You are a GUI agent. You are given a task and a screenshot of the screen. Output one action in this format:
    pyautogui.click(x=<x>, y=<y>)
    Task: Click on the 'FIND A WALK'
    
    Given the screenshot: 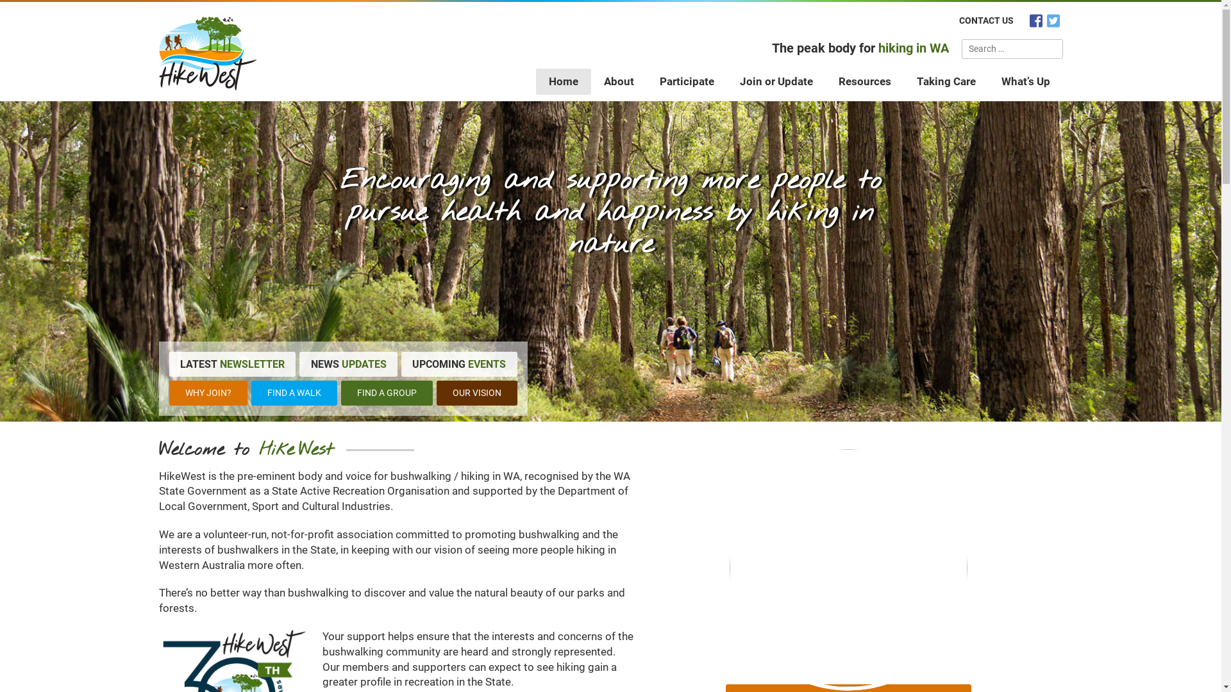 What is the action you would take?
    pyautogui.click(x=294, y=392)
    